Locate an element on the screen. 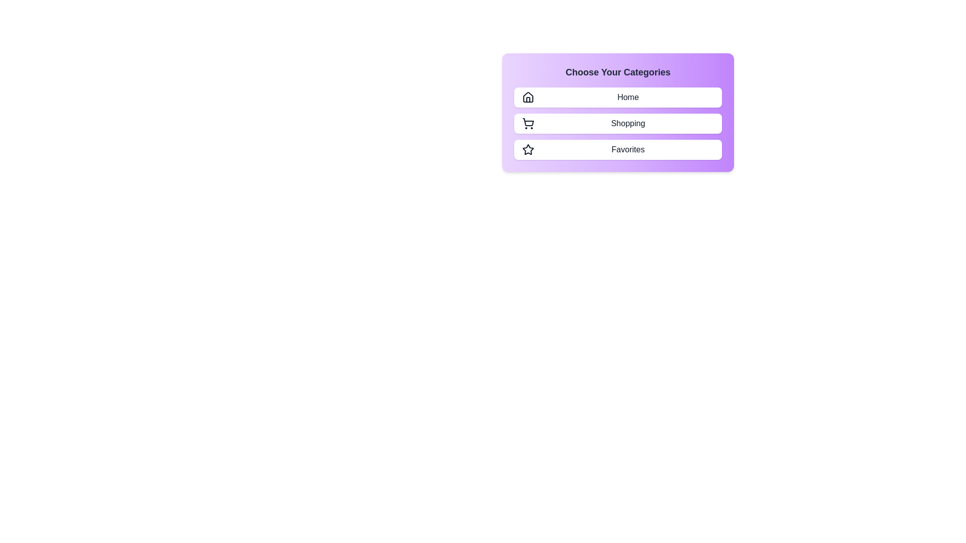 This screenshot has height=543, width=966. the 'Favorites' chip to toggle its activation state is located at coordinates (617, 149).